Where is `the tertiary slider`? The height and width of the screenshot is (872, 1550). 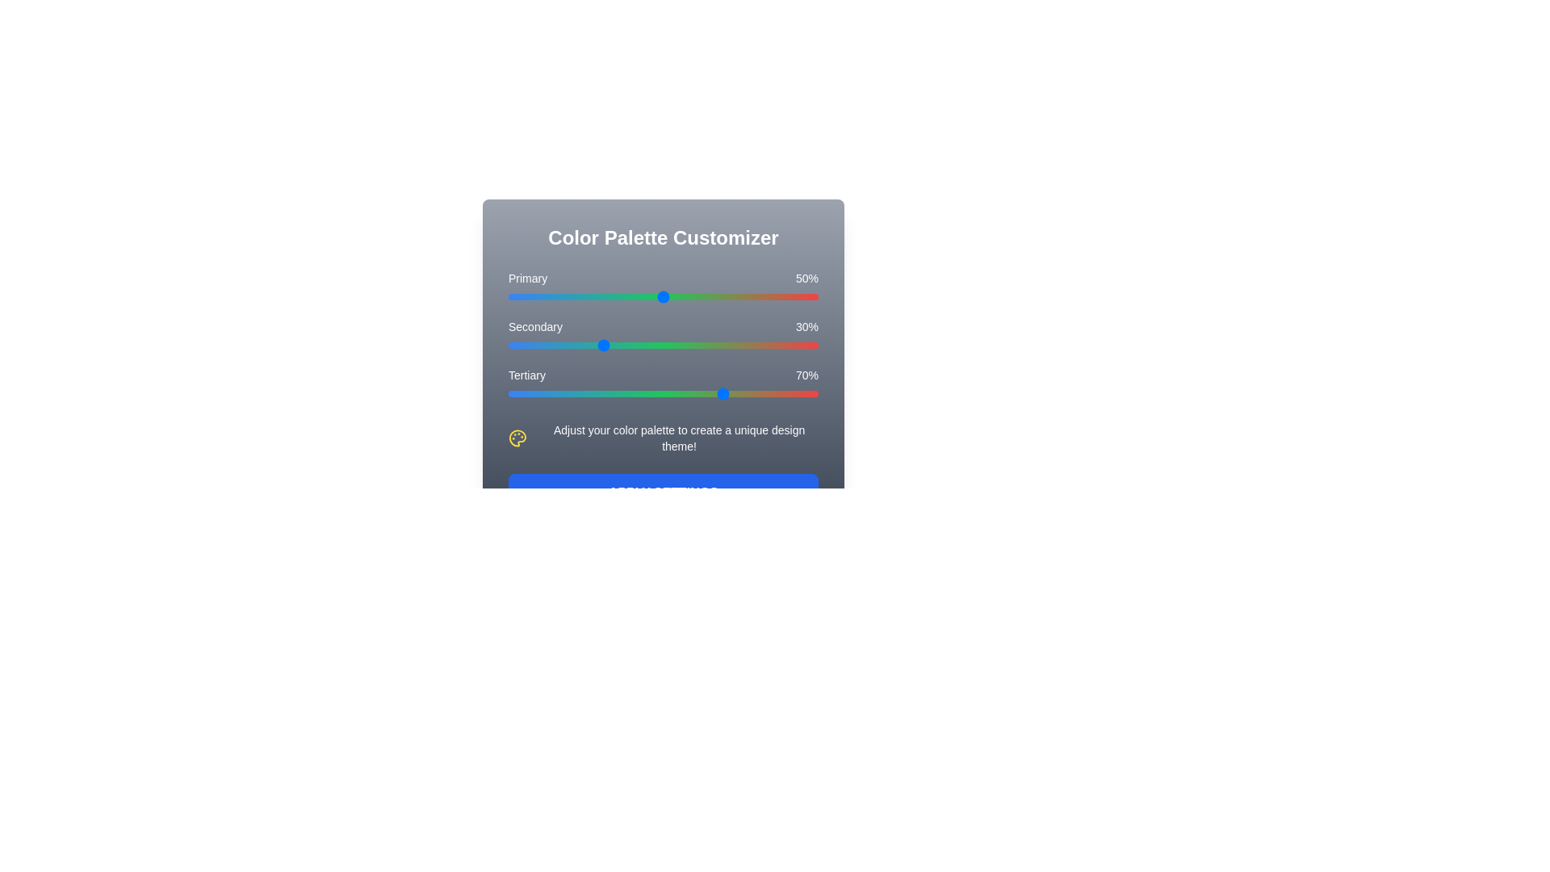 the tertiary slider is located at coordinates (539, 394).